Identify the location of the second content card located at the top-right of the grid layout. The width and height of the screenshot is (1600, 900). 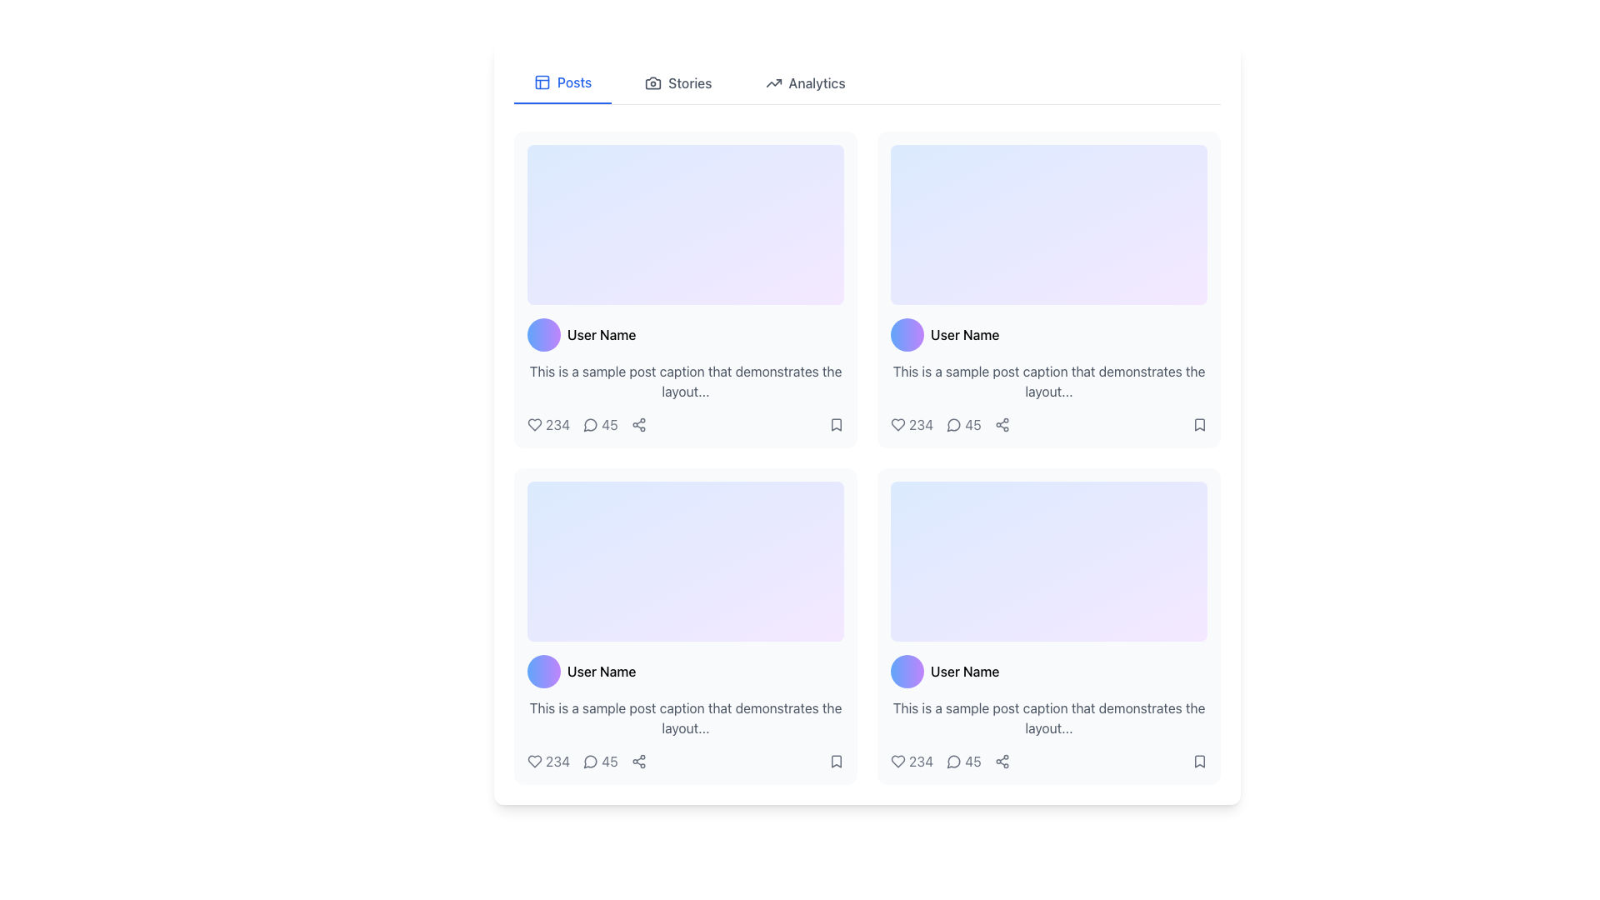
(1047, 288).